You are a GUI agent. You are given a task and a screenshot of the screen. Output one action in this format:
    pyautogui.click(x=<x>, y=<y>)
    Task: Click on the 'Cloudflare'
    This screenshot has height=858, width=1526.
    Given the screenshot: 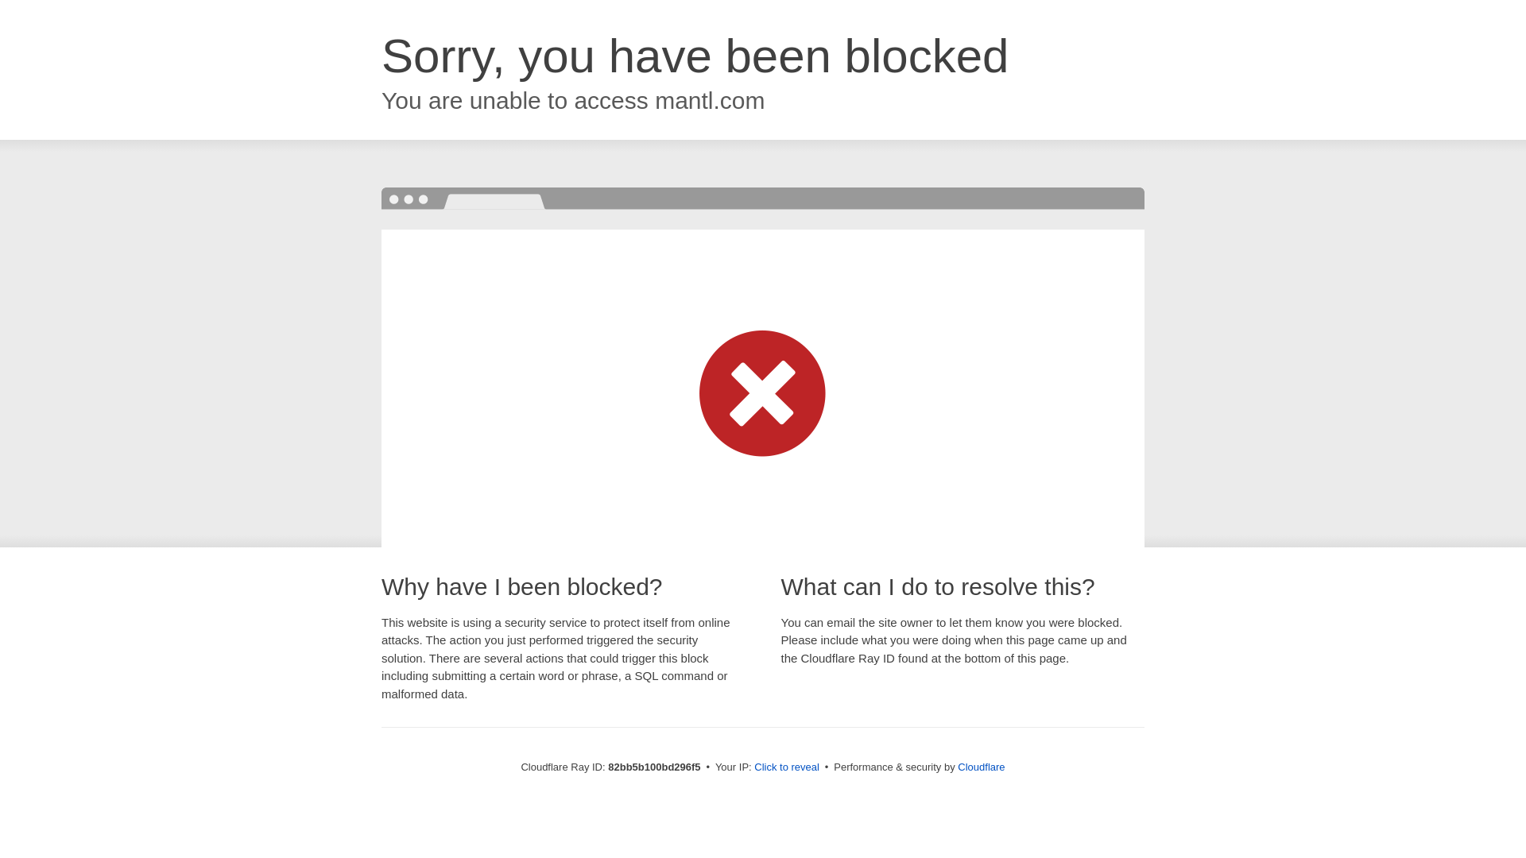 What is the action you would take?
    pyautogui.click(x=956, y=766)
    